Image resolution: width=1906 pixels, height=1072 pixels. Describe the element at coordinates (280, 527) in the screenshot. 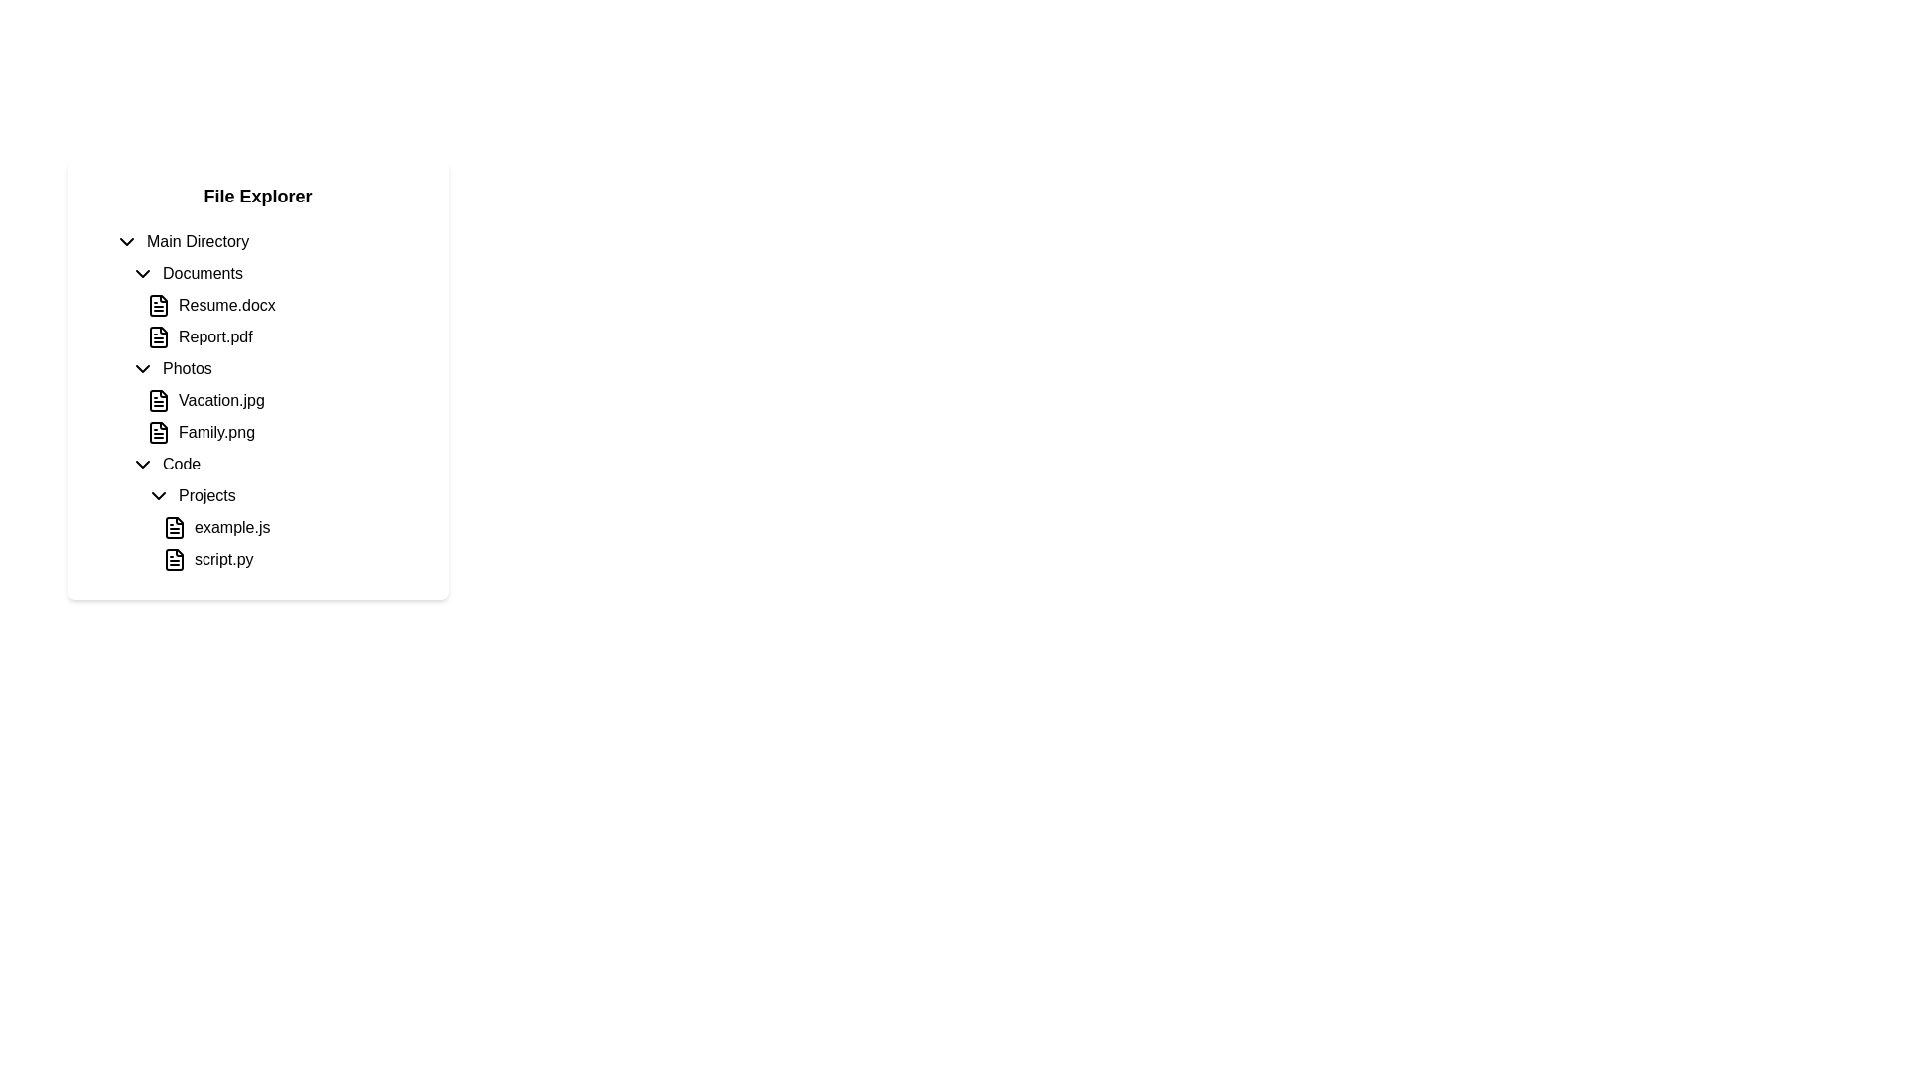

I see `the file entry named 'example.js' located in the 'Projects' directory of the file explorer` at that location.